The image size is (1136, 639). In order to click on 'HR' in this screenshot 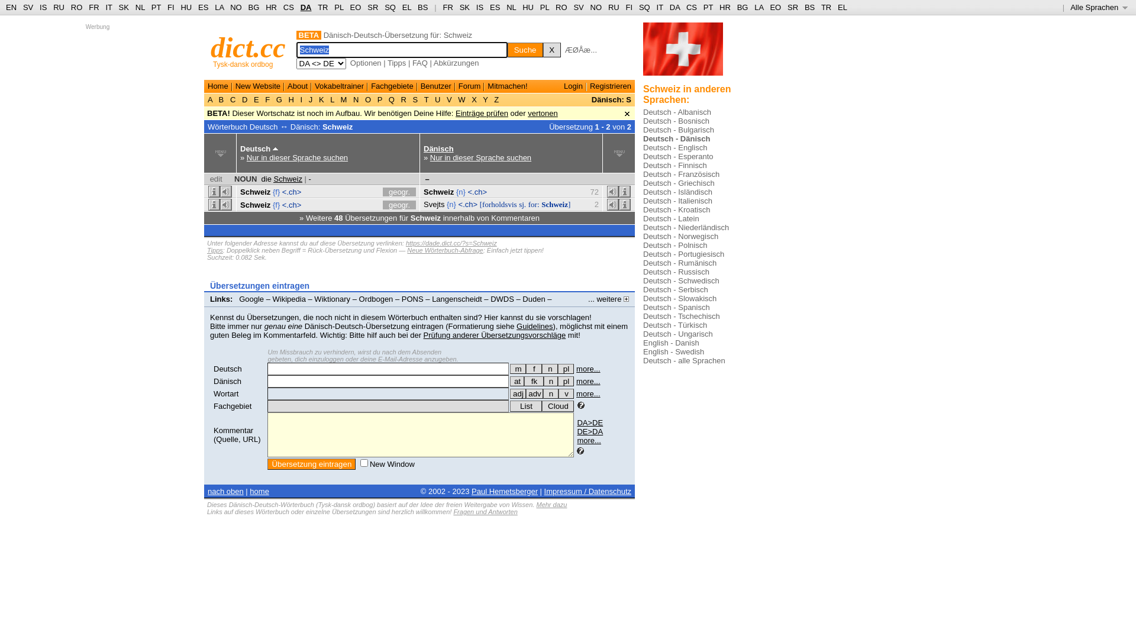, I will do `click(270, 7)`.